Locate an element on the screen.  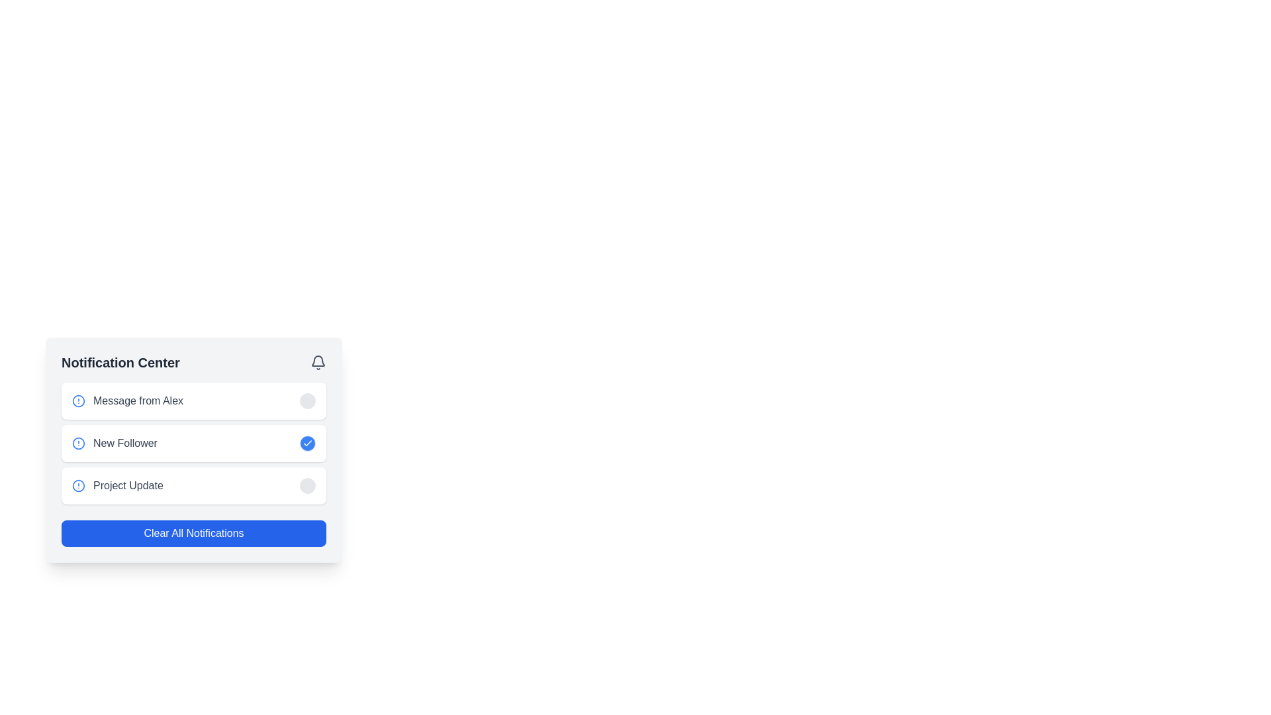
the toggle button on the Notification Card, which is the third item in the notification center panel, to mark it as read/unread is located at coordinates (193, 485).